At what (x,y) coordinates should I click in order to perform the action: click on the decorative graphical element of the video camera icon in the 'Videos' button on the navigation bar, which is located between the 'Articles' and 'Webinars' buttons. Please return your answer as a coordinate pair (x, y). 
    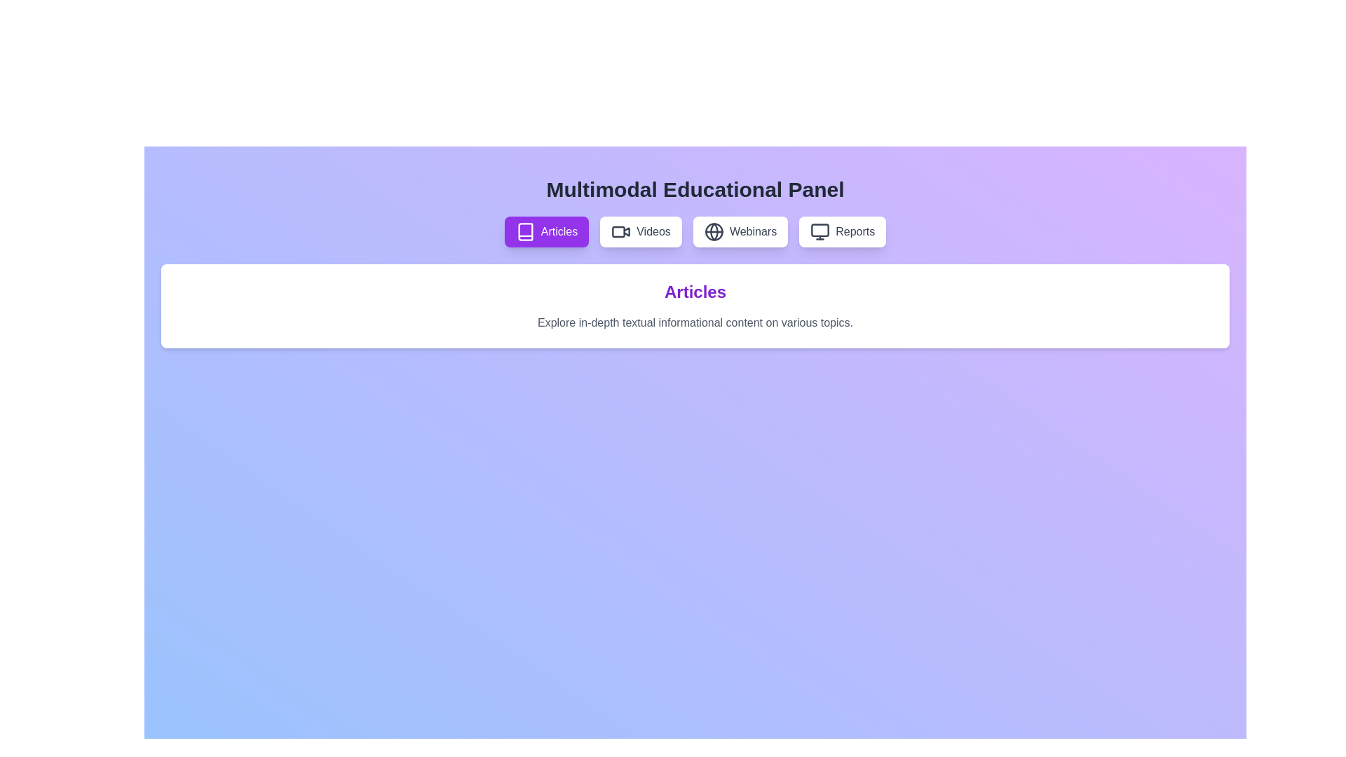
    Looking at the image, I should click on (618, 231).